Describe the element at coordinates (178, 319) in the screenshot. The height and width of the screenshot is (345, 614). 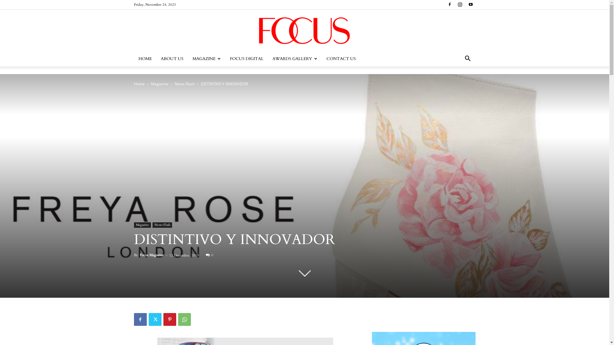
I see `'WhatsApp'` at that location.